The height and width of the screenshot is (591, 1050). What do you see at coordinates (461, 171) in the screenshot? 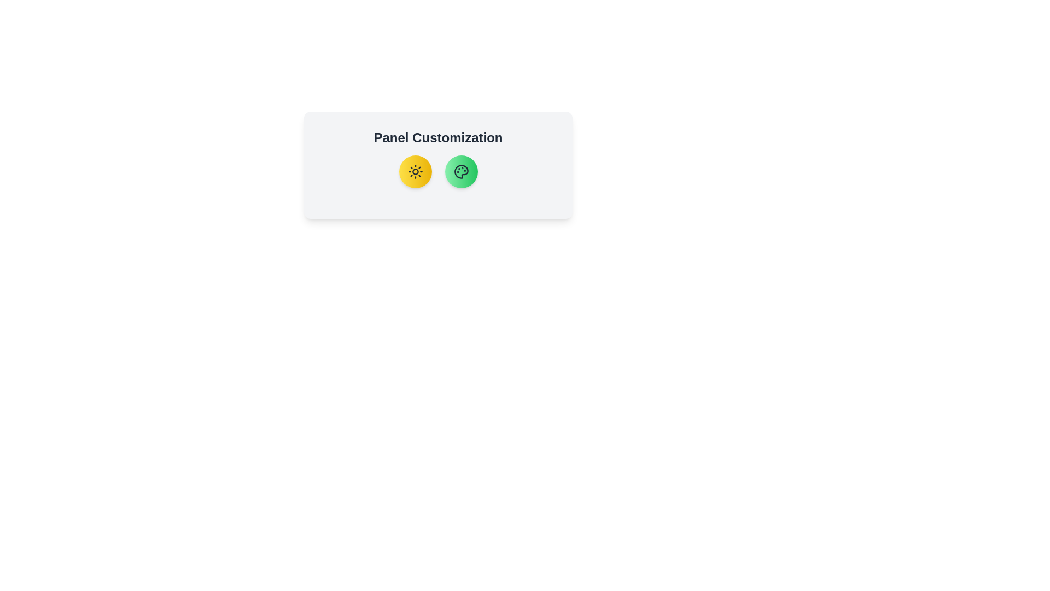
I see `the second circular icon button, which is a green gradient painter's palette icon located within the 'Panel Customization' card` at bounding box center [461, 171].